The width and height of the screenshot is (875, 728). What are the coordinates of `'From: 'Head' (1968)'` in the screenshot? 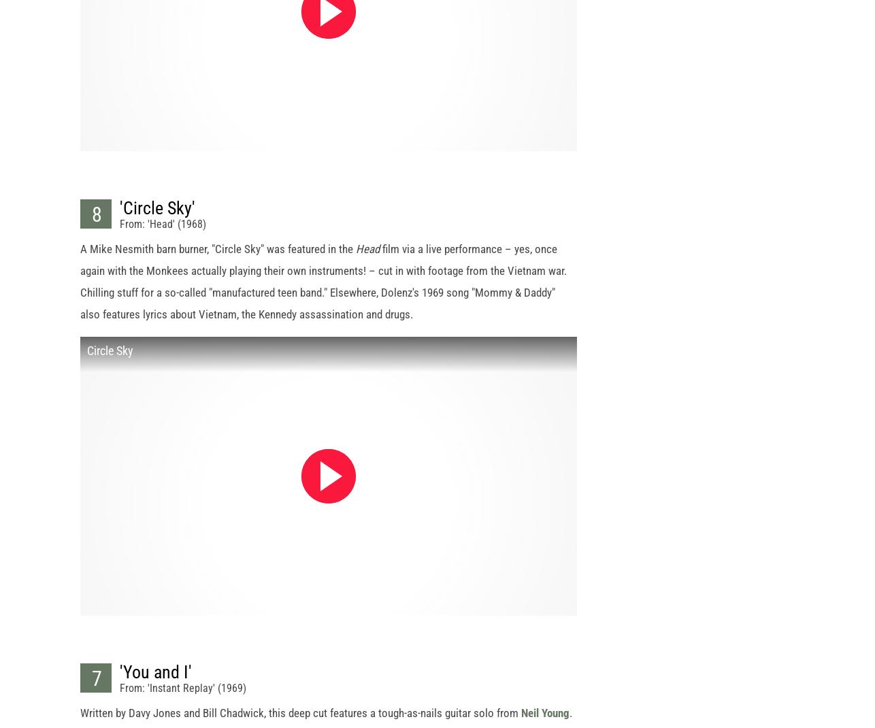 It's located at (163, 235).